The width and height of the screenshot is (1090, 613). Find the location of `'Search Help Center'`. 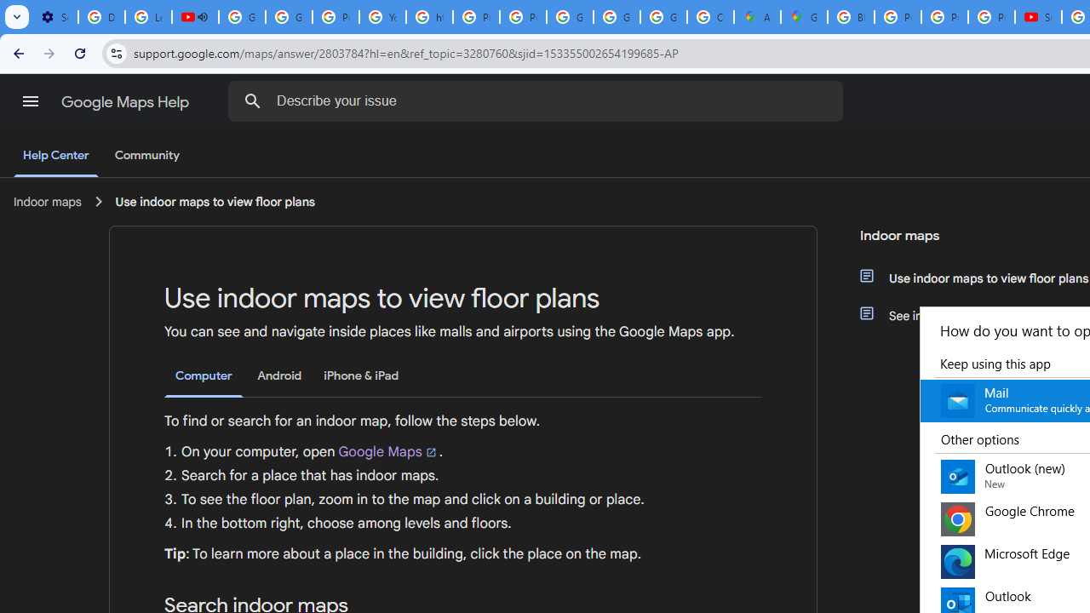

'Search Help Center' is located at coordinates (252, 100).